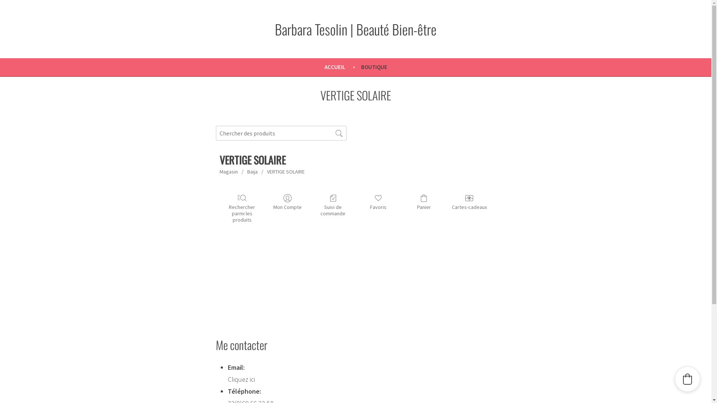 The width and height of the screenshot is (717, 403). Describe the element at coordinates (469, 202) in the screenshot. I see `'Cartes-cadeaux'` at that location.